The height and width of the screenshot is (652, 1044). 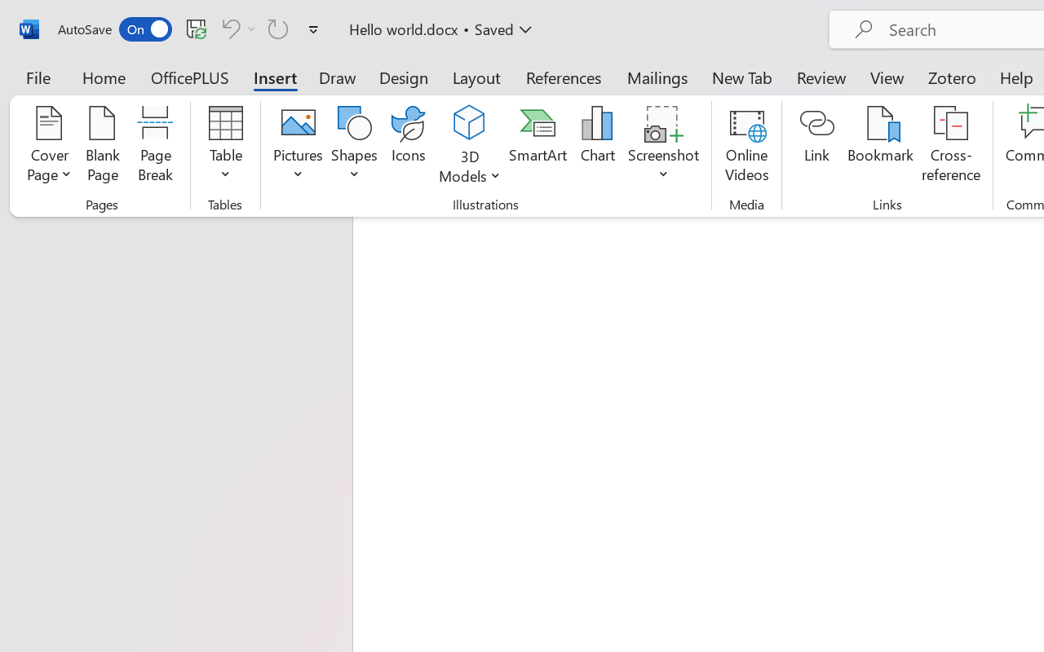 I want to click on 'Home', so click(x=104, y=77).